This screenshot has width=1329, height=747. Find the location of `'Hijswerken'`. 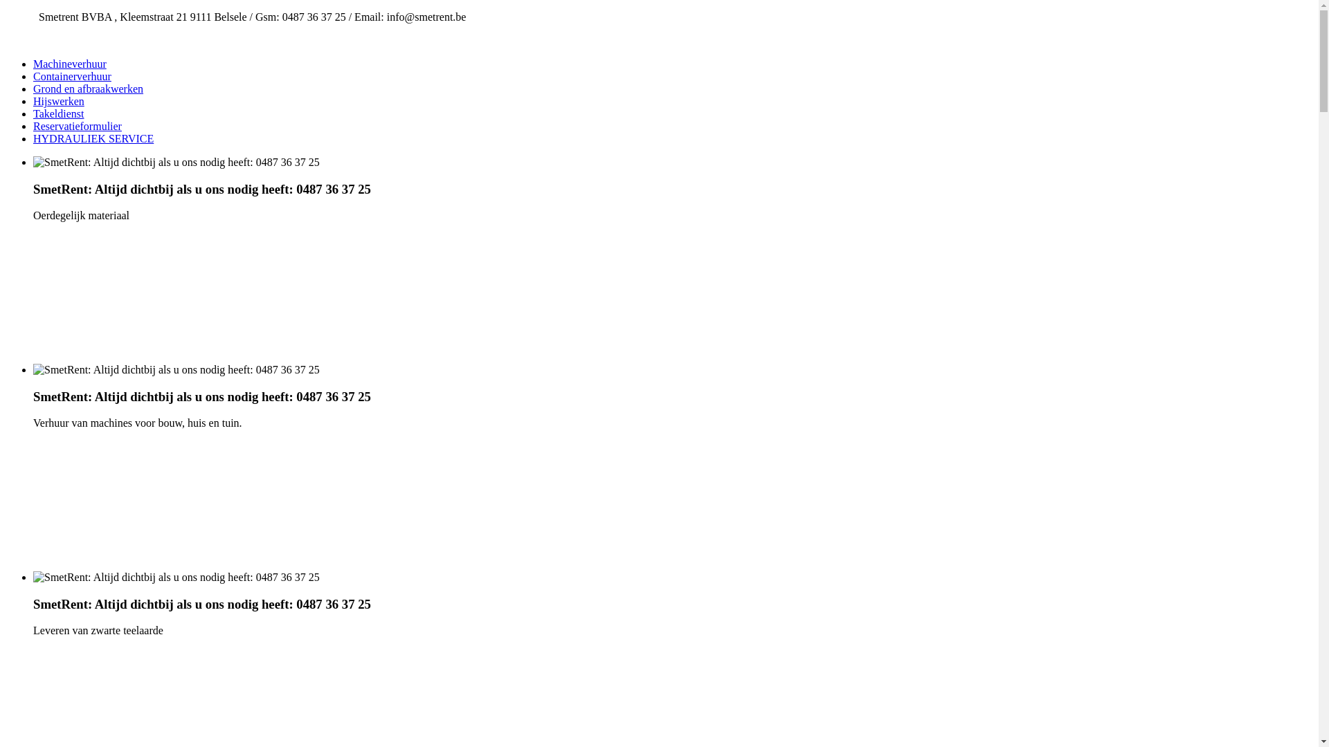

'Hijswerken' is located at coordinates (58, 100).